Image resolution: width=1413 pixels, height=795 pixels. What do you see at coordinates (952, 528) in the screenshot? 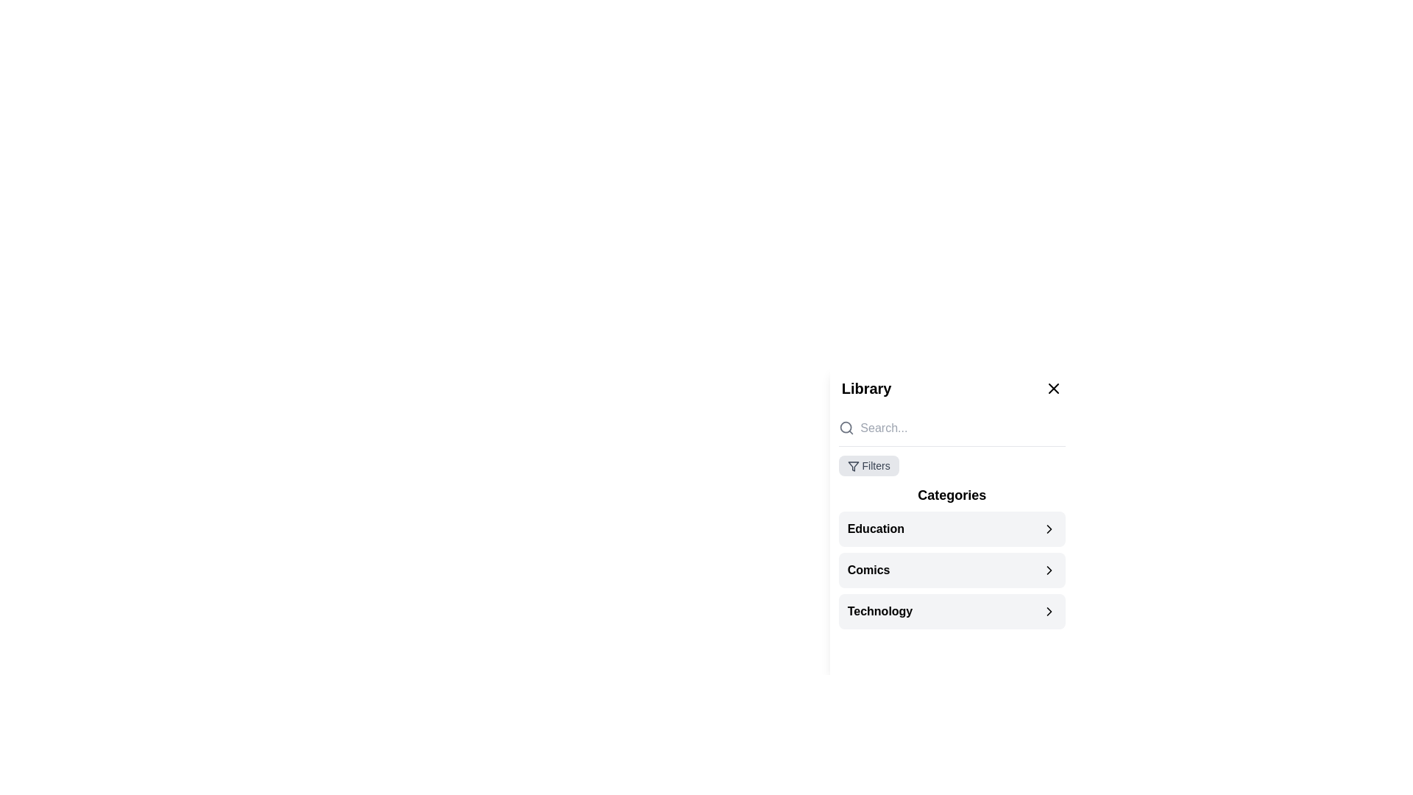
I see `the first selectable category button in the 'Categories' section` at bounding box center [952, 528].